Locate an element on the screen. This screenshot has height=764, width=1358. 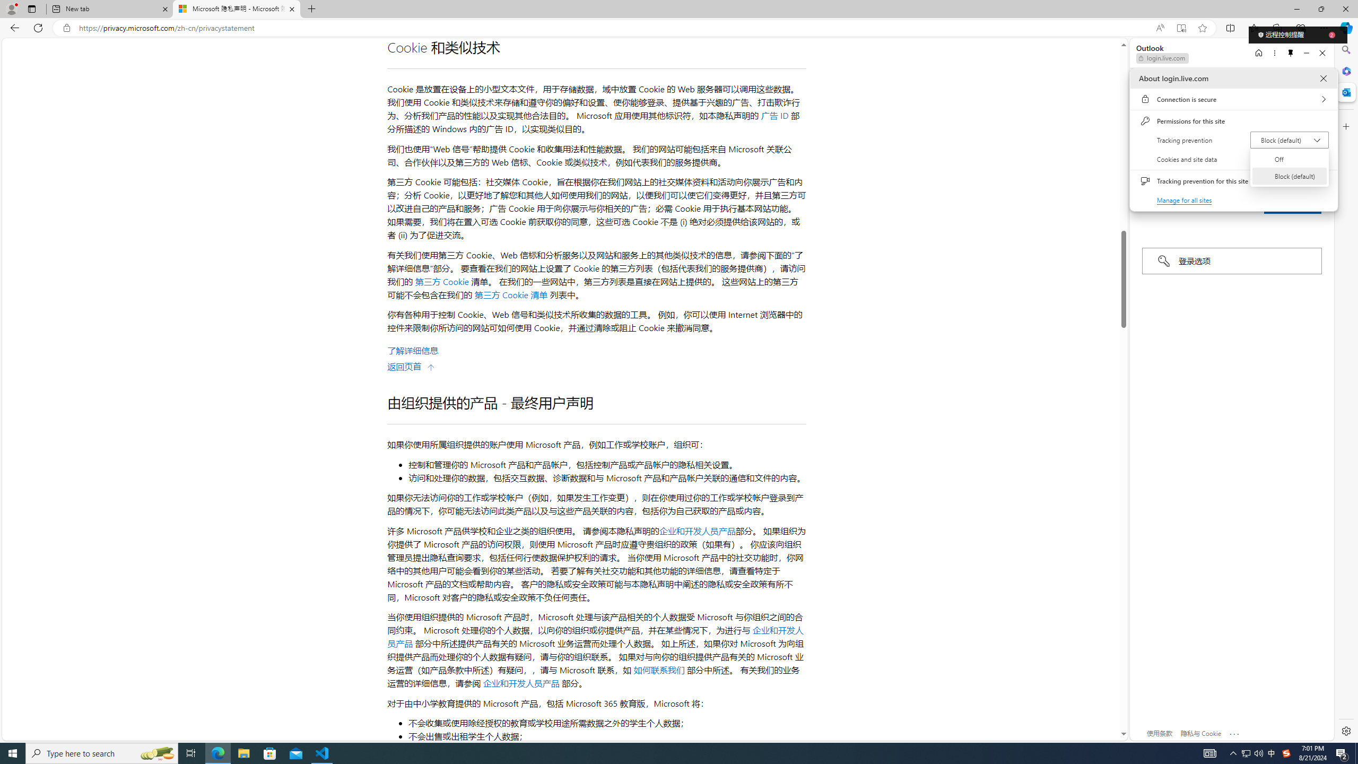
'User Promoted Notification Area' is located at coordinates (1252, 752).